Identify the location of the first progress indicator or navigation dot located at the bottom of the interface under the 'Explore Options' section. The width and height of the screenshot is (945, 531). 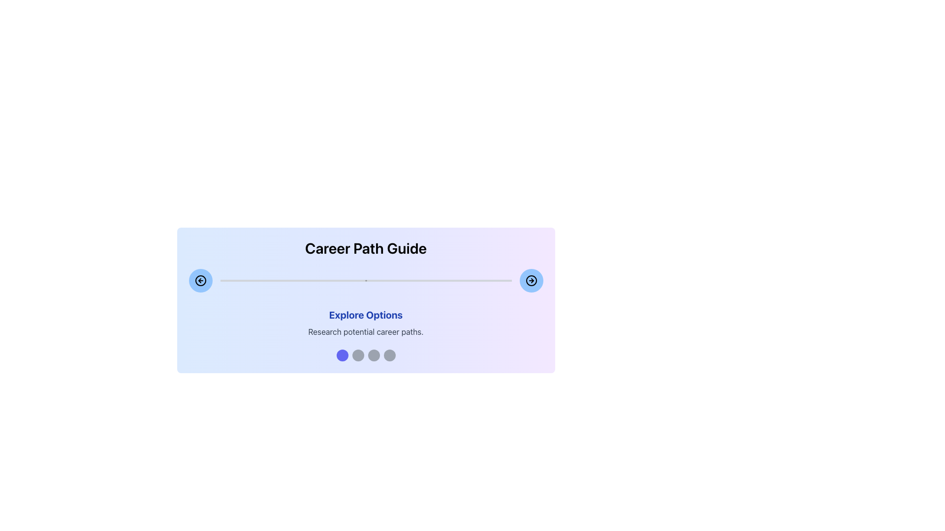
(342, 355).